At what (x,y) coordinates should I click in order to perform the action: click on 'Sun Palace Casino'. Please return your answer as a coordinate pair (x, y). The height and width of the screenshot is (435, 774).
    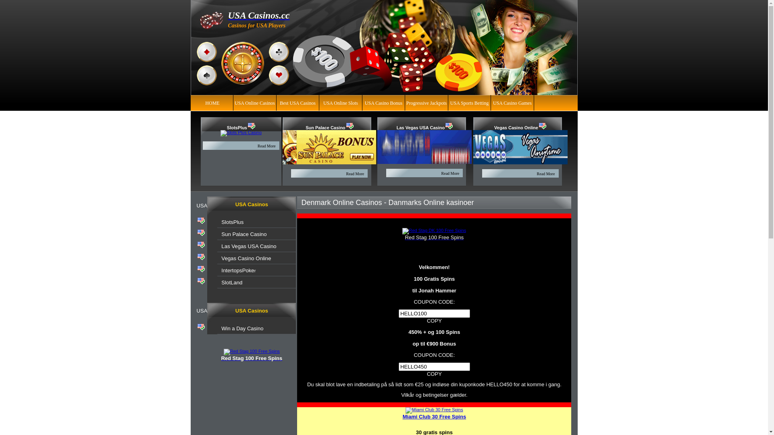
    Looking at the image, I should click on (305, 127).